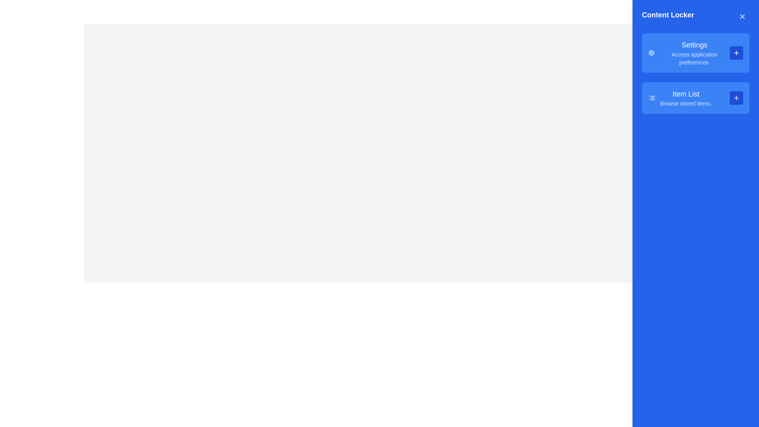  Describe the element at coordinates (742, 17) in the screenshot. I see `the blue rounded square button with an 'X' symbol` at that location.